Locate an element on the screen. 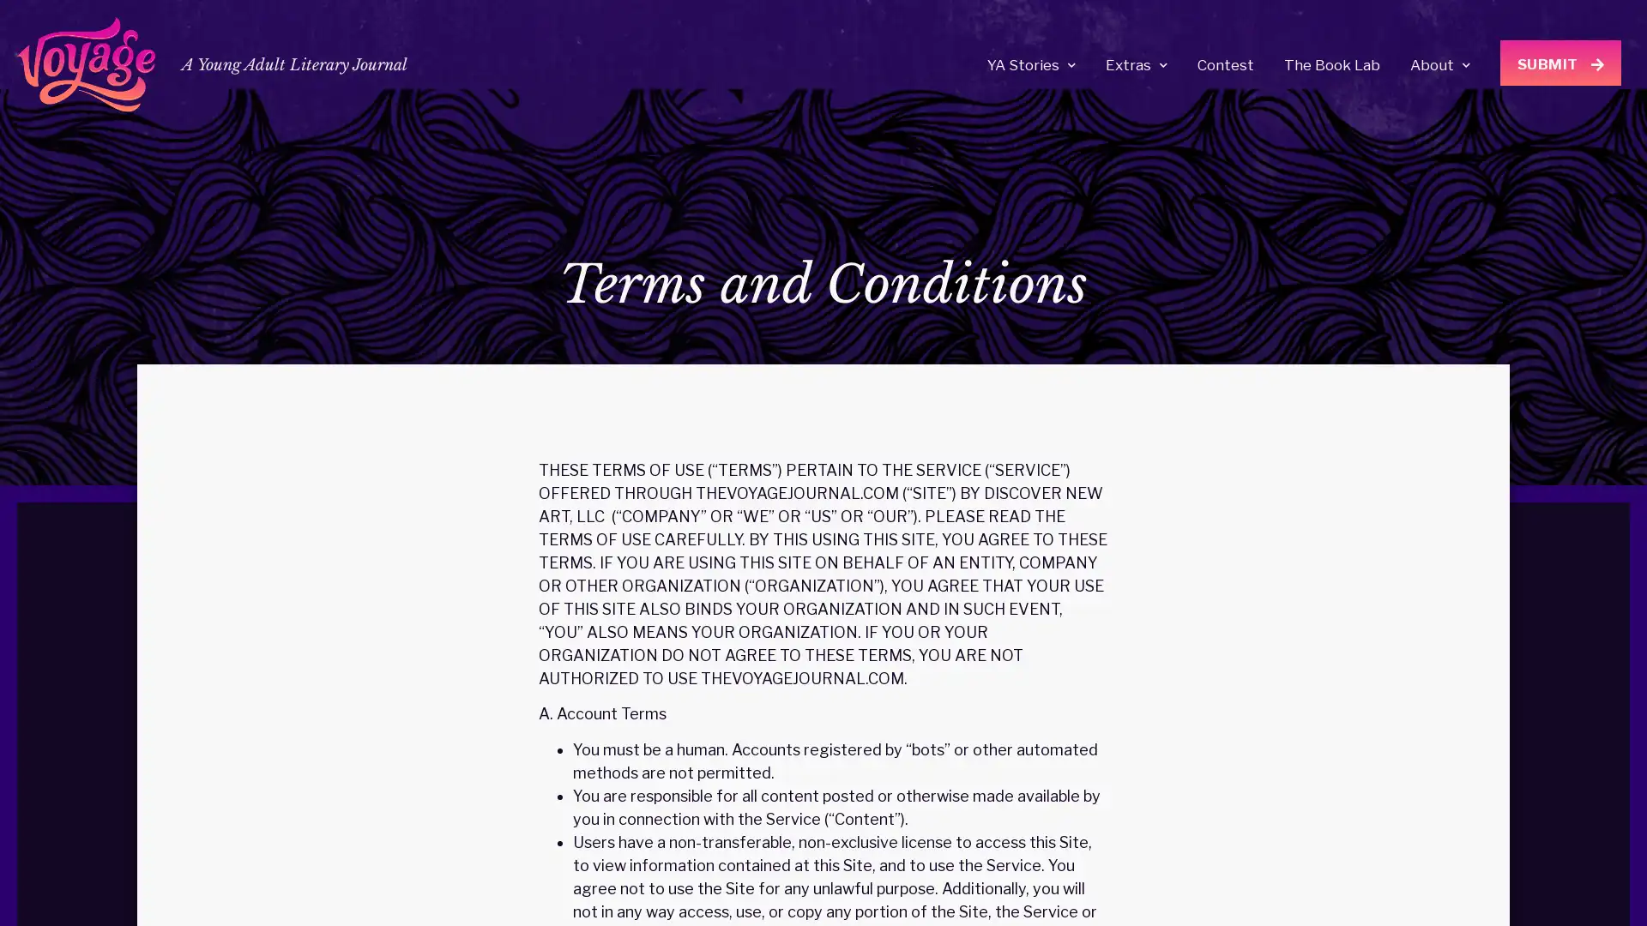  SUBMIT is located at coordinates (1560, 62).